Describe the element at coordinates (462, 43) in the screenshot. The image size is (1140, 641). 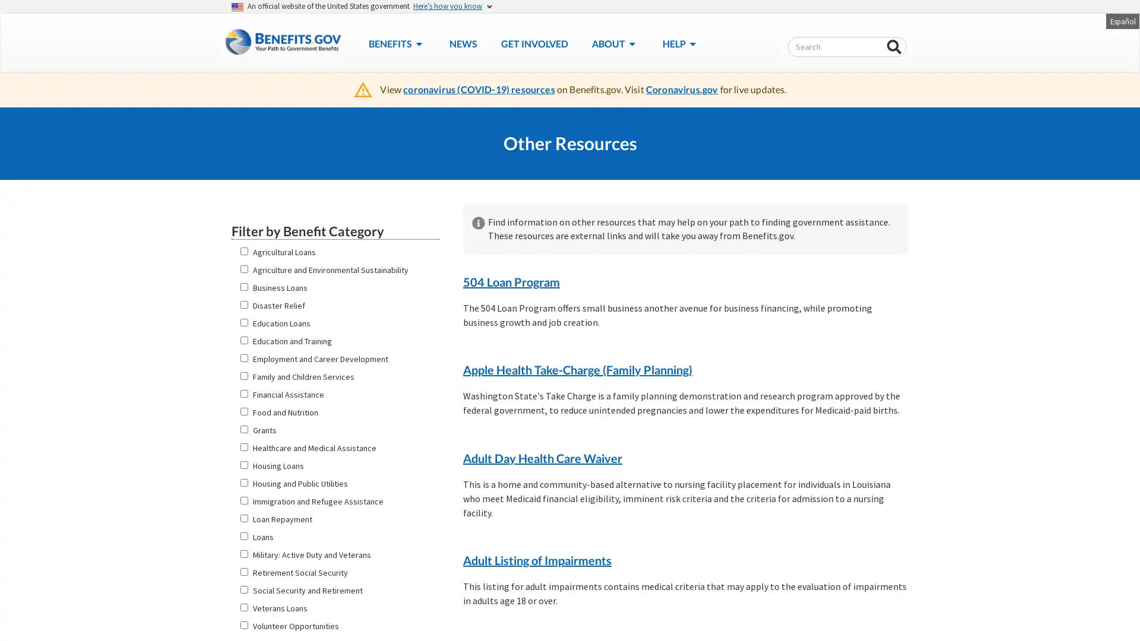
I see `NEWS` at that location.